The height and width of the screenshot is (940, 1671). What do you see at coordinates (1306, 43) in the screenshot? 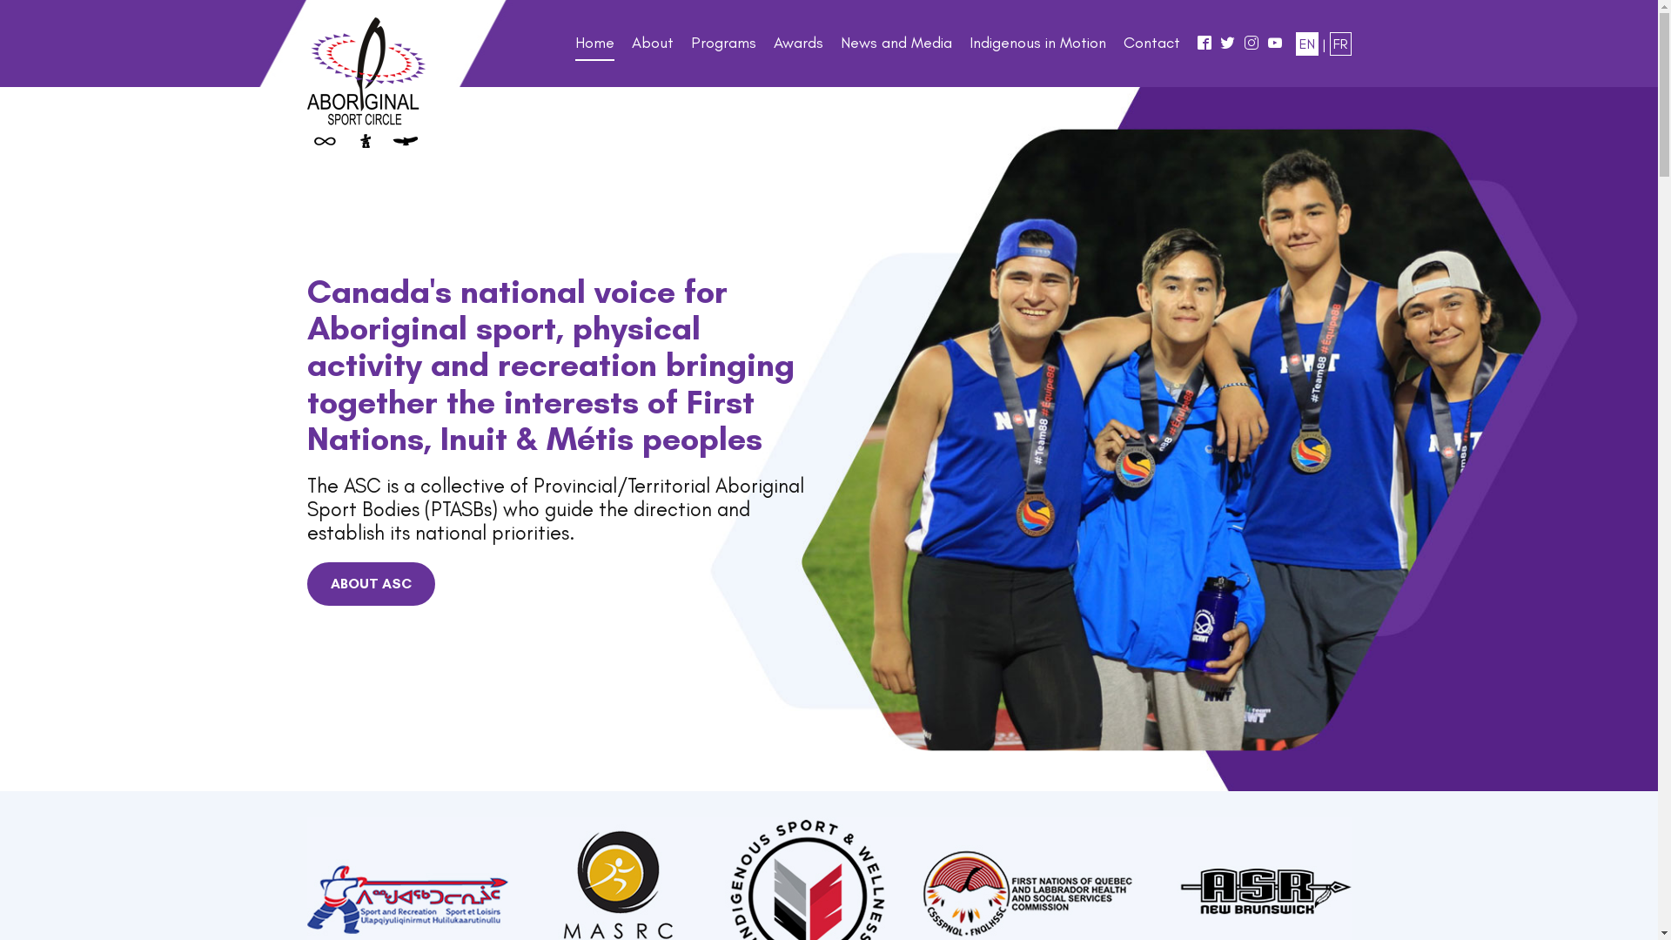
I see `'EN'` at bounding box center [1306, 43].